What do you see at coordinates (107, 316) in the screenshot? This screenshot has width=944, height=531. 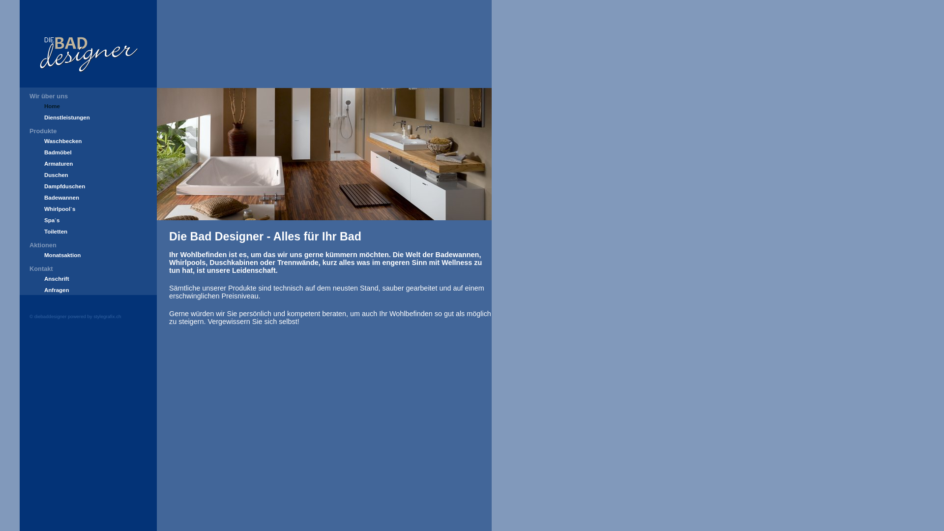 I see `'stylegrafix.ch'` at bounding box center [107, 316].